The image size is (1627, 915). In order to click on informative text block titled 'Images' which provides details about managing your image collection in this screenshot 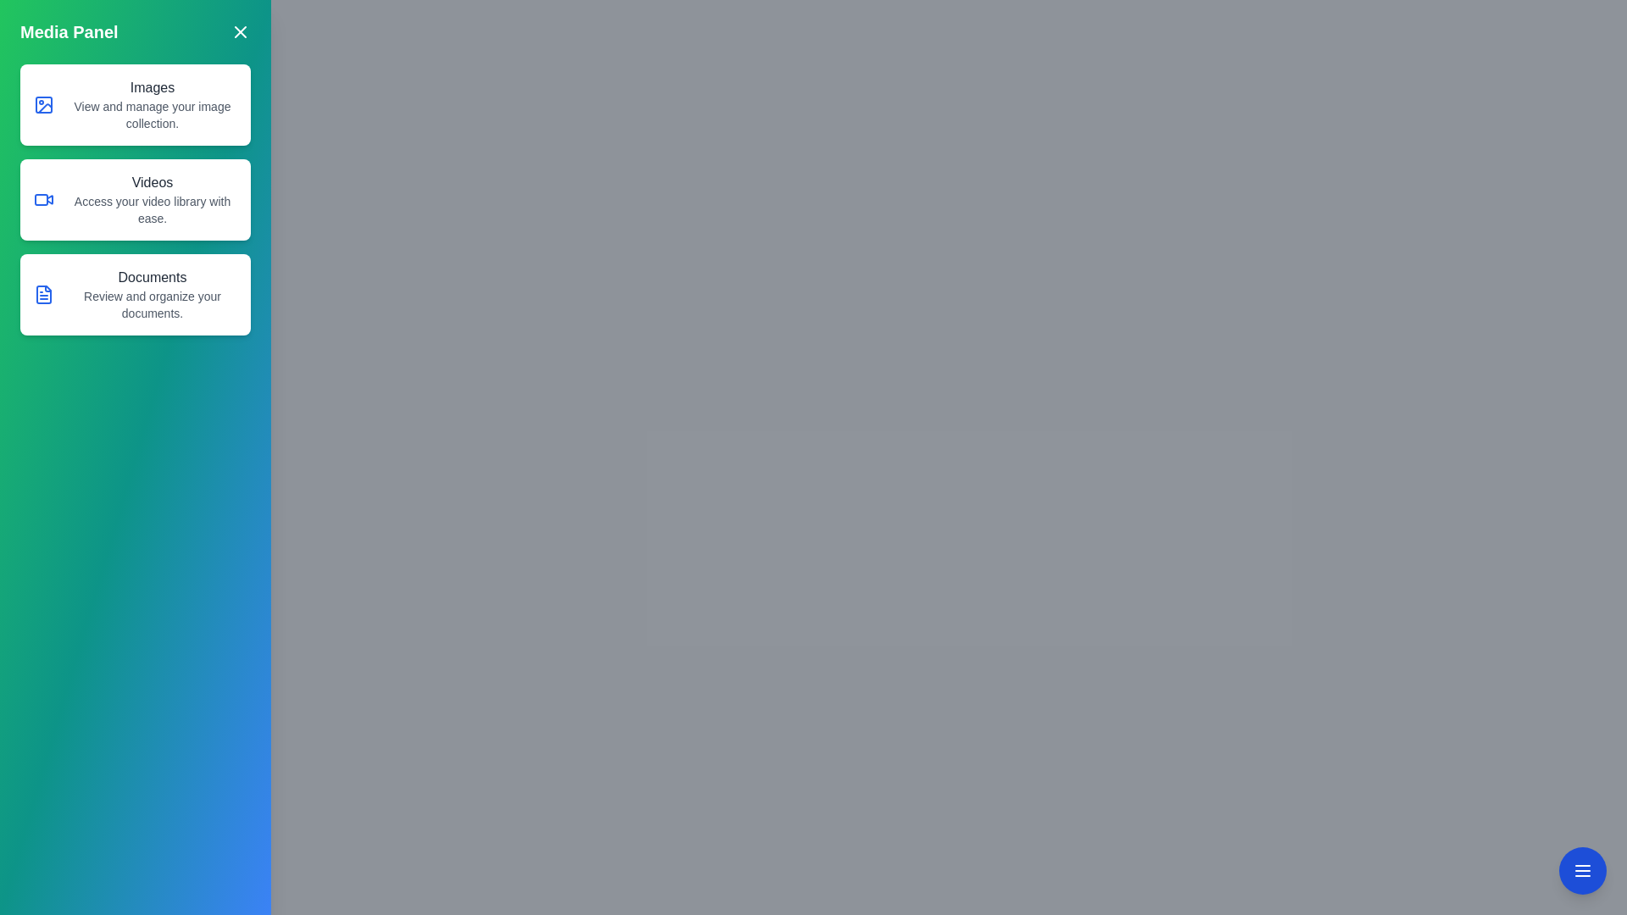, I will do `click(153, 104)`.